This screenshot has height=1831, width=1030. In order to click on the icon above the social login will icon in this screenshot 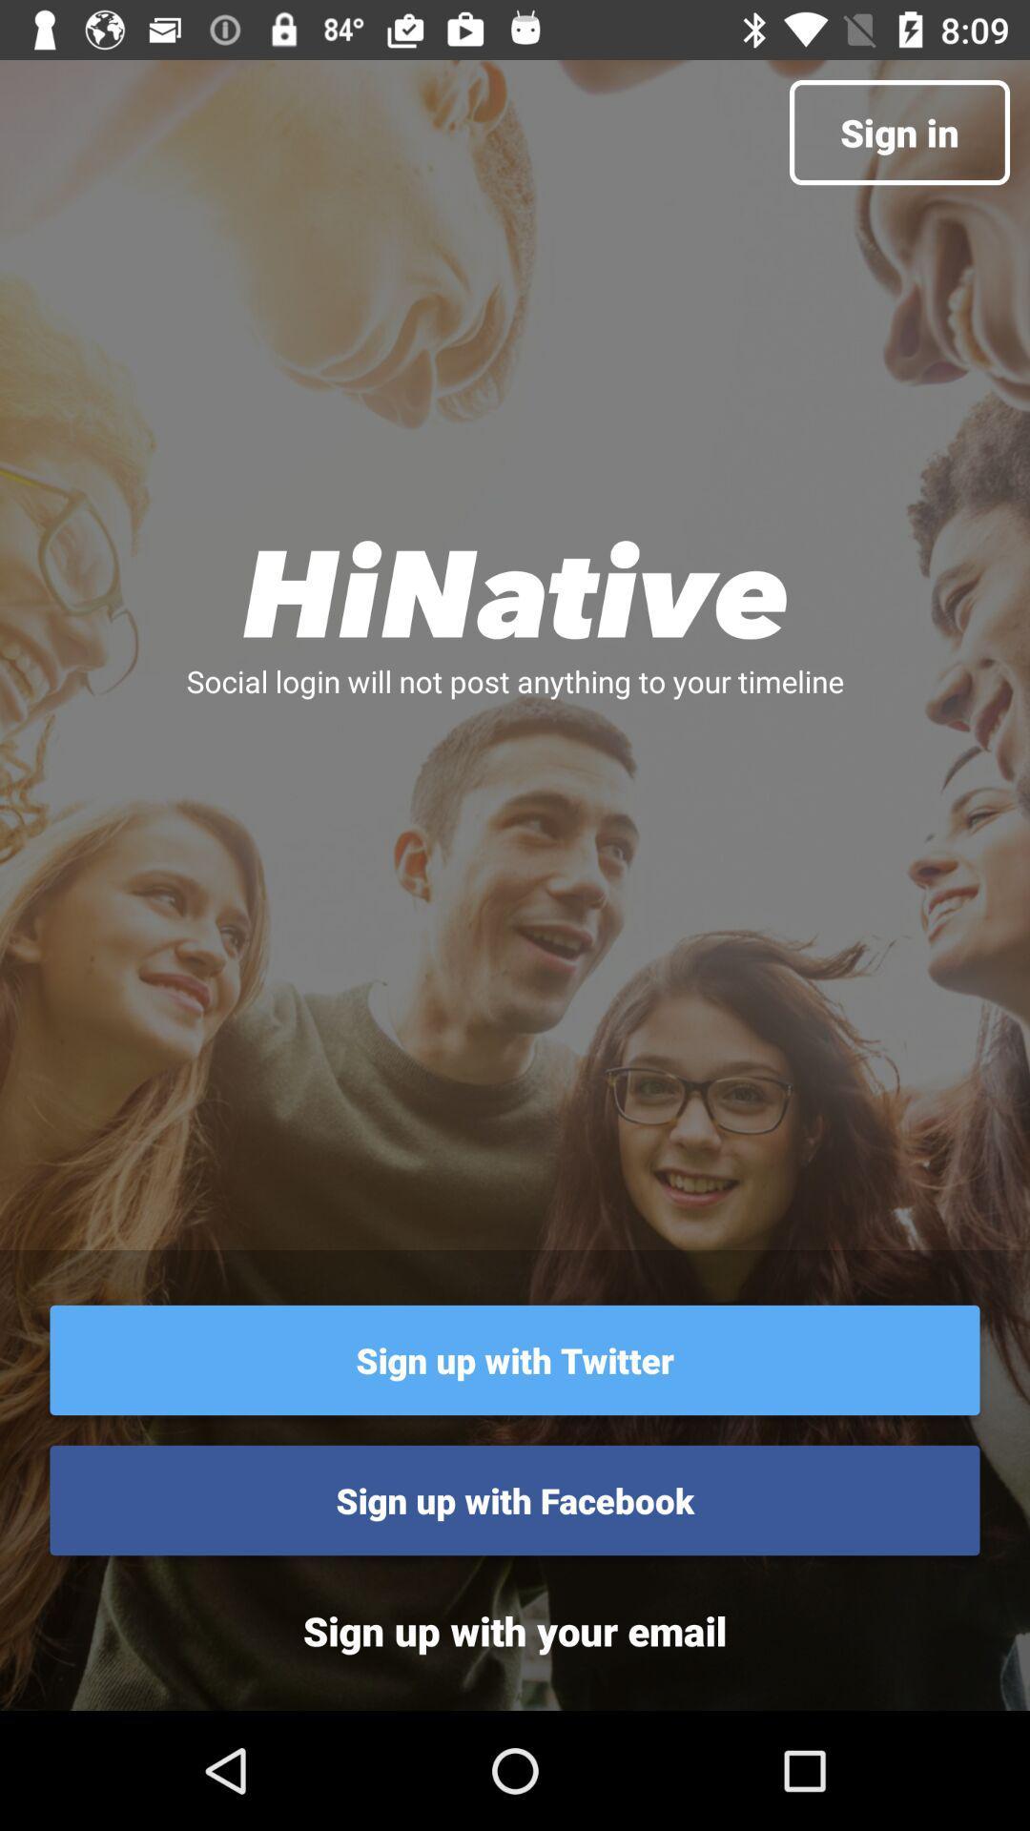, I will do `click(515, 588)`.